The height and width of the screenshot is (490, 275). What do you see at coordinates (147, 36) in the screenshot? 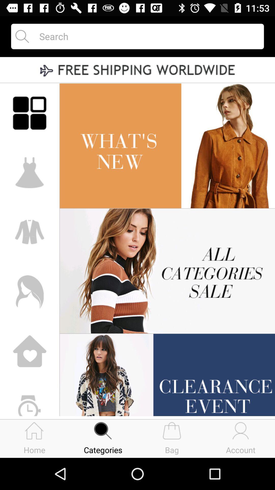
I see `search button` at bounding box center [147, 36].